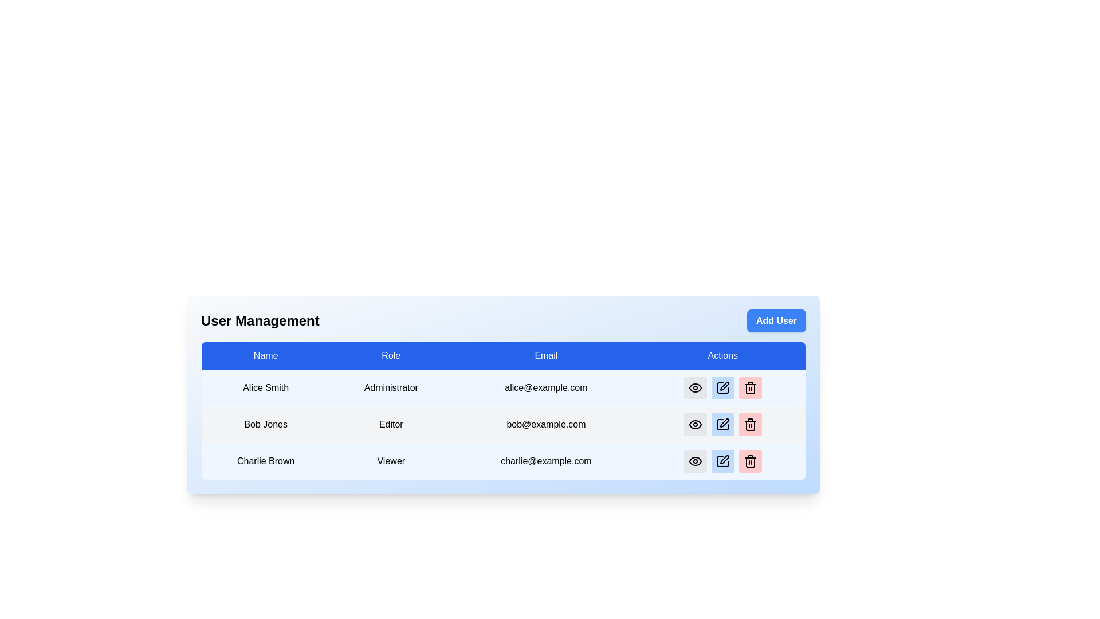 The image size is (1100, 619). I want to click on text in the Table Header Cell labeled 'Role', which has a blue background and white text, located in the second column of the header row of the table, so click(391, 355).